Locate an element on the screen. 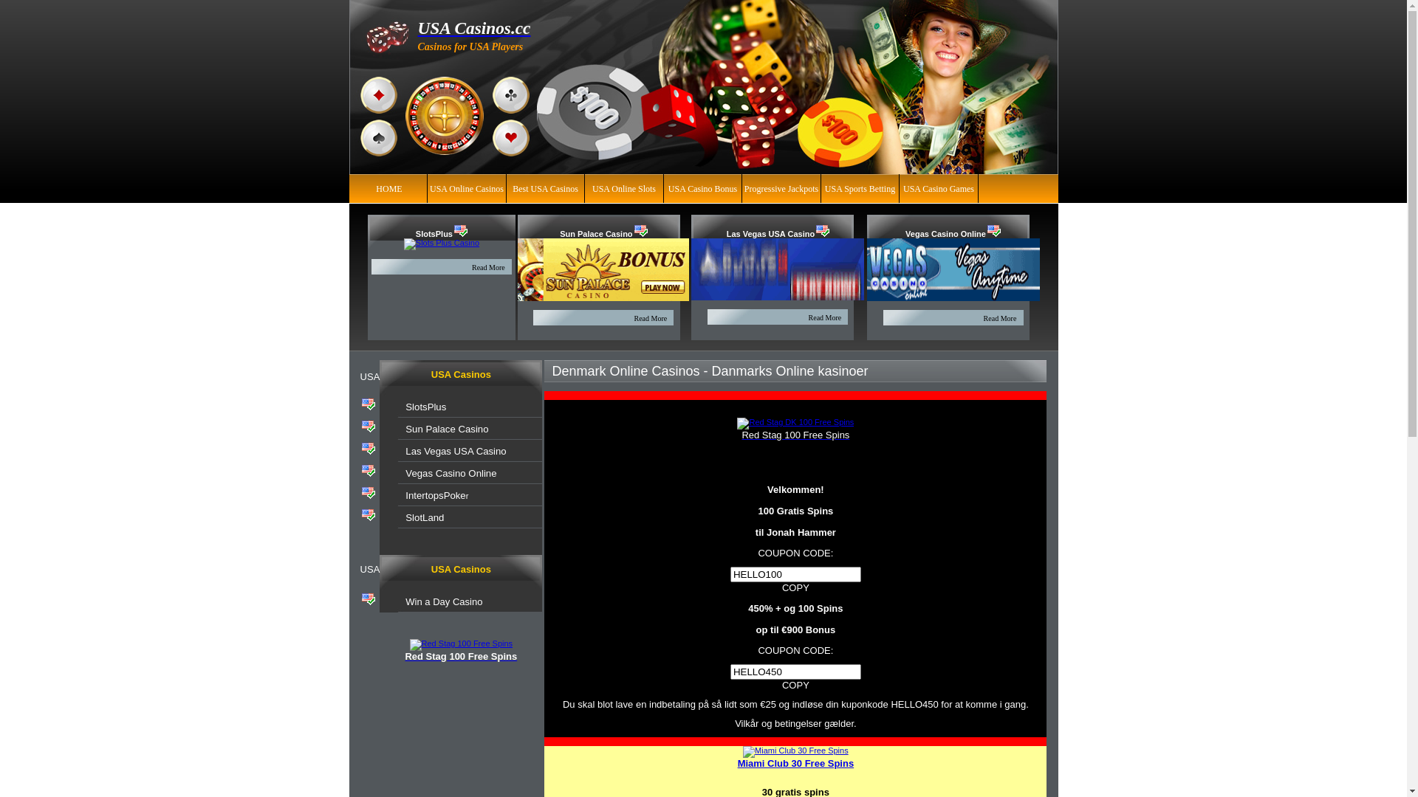  'Red Stag 100 Free Spins' is located at coordinates (741, 434).